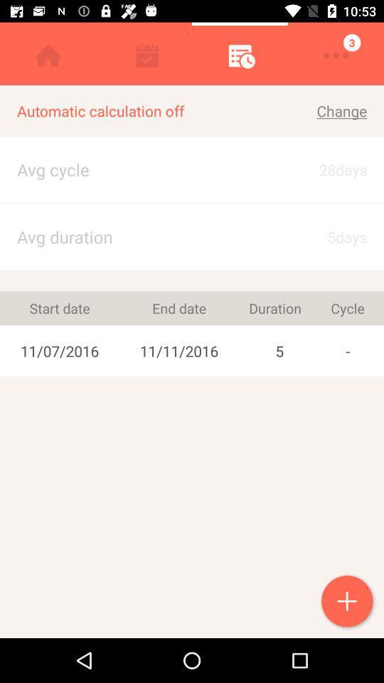 This screenshot has height=683, width=384. Describe the element at coordinates (134, 237) in the screenshot. I see `app next to the 28days item` at that location.